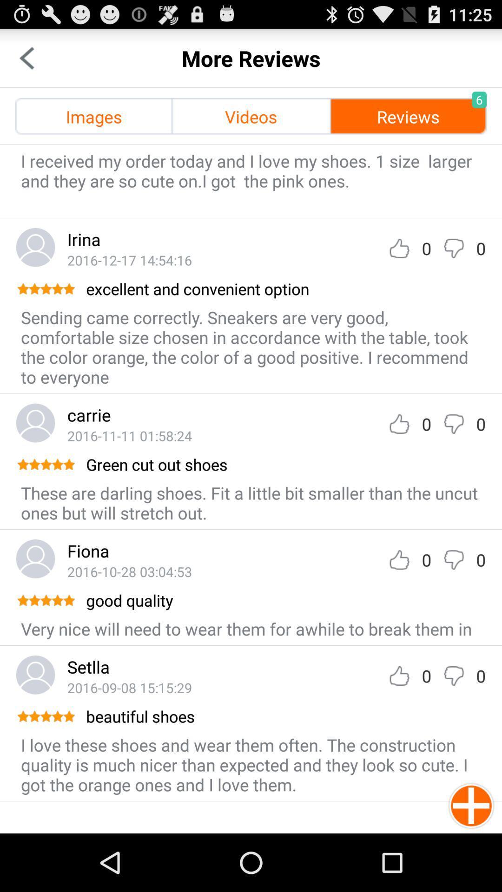  I want to click on previous page, so click(26, 58).